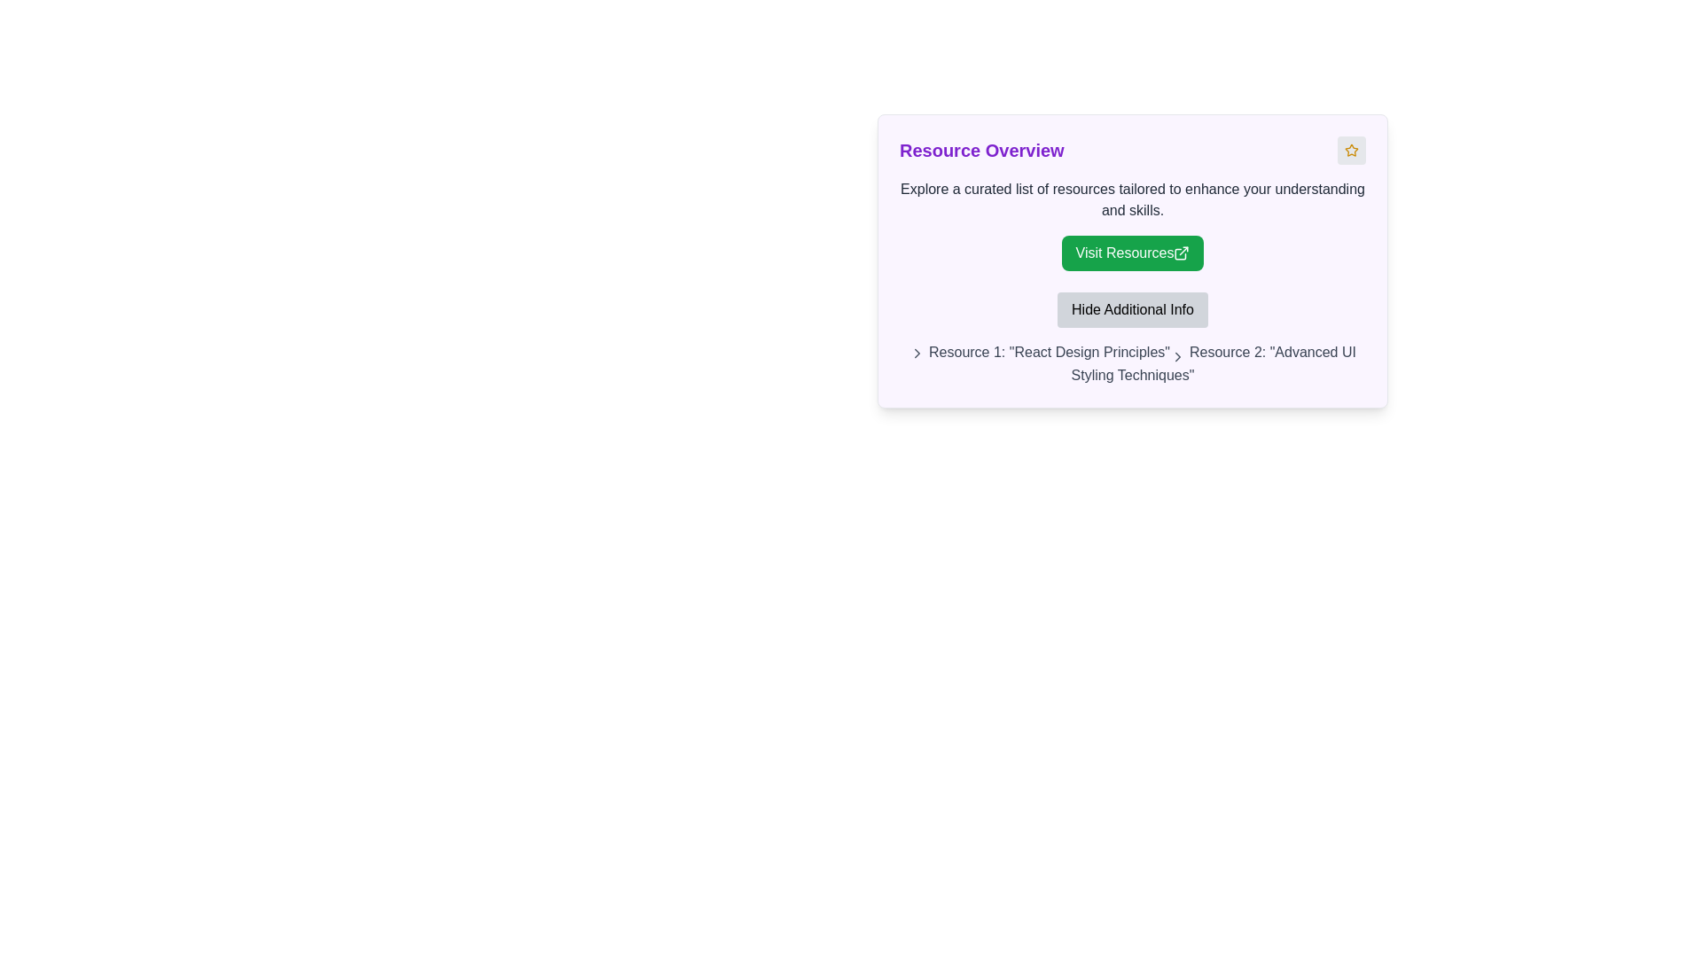 Image resolution: width=1702 pixels, height=957 pixels. What do you see at coordinates (1131, 363) in the screenshot?
I see `the text block containing resource information styled in grey font, which lists 'React Design Principles' and 'Advanced UI Styling Techniques', located below the 'Hide Additional Info' button` at bounding box center [1131, 363].